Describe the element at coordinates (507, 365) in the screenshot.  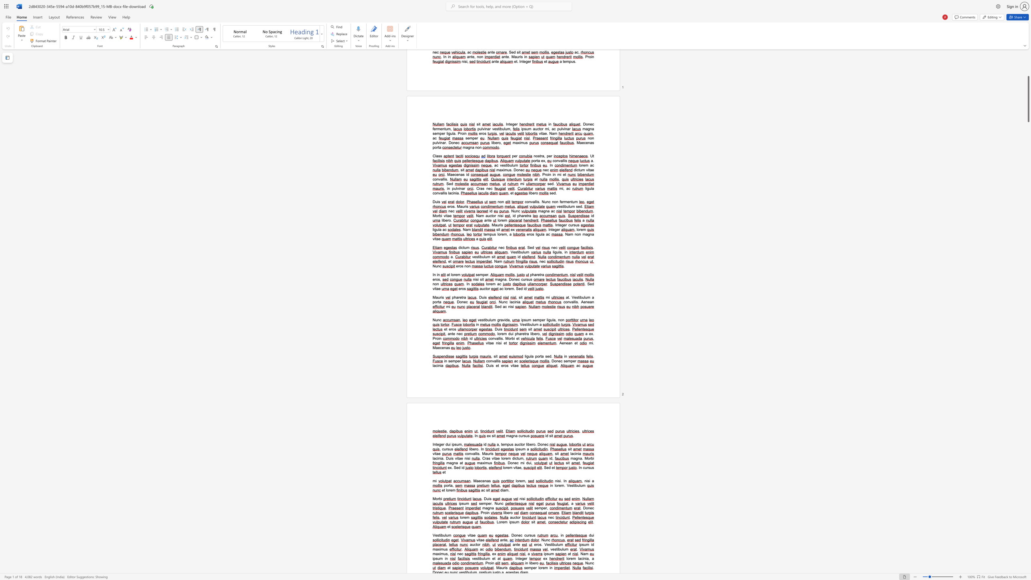
I see `the 2th character "s" in the text` at that location.